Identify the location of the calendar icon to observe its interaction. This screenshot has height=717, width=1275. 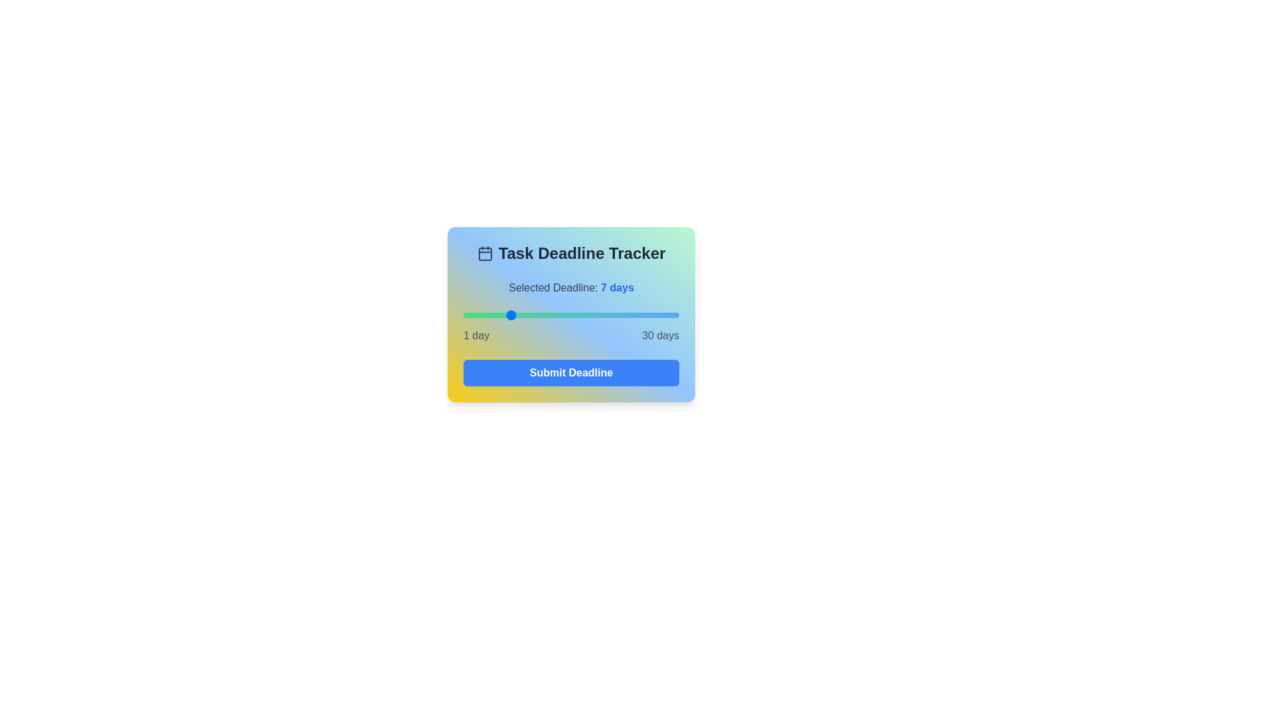
(483, 253).